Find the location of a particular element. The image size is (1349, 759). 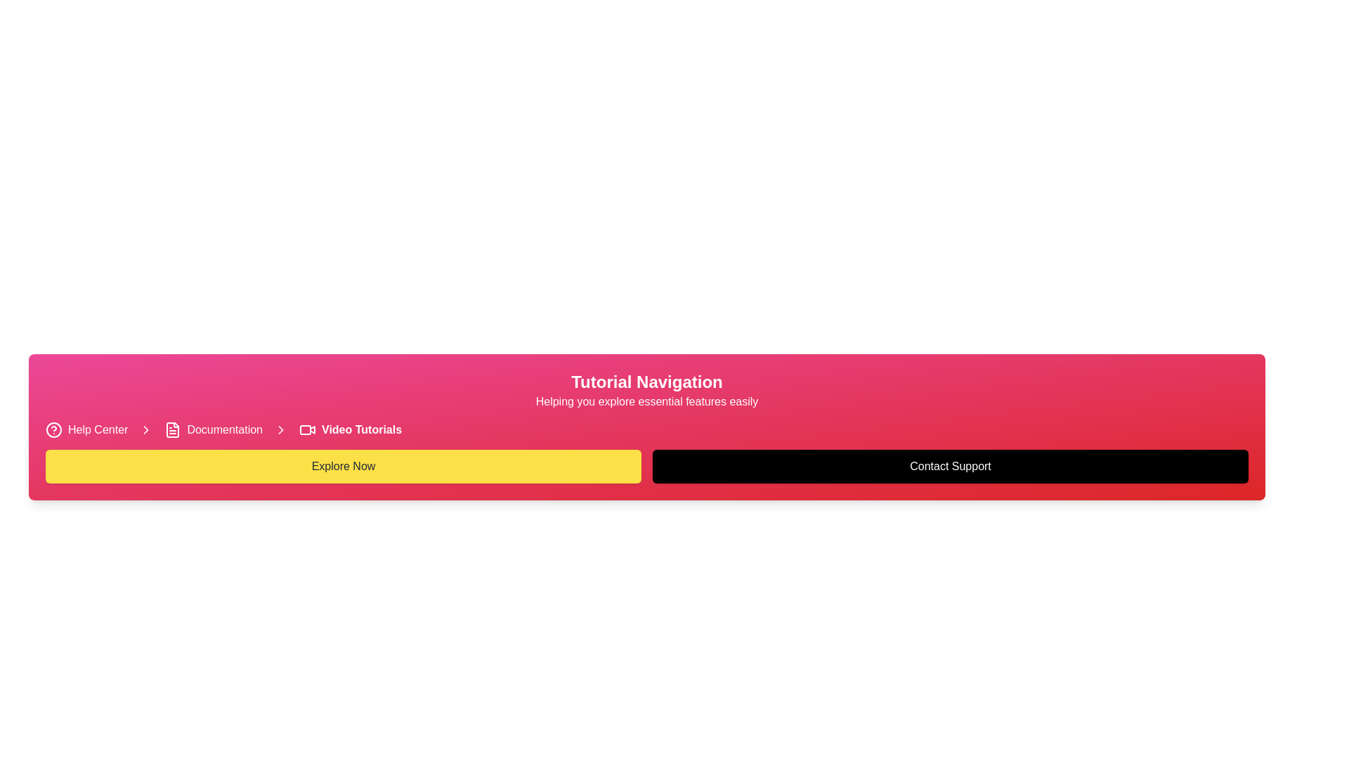

the 'Help Center' hyperlink, which is a prominent text link with a pink background and white text, located in the lower left section of the interface next to a question mark icon is located at coordinates (97, 429).